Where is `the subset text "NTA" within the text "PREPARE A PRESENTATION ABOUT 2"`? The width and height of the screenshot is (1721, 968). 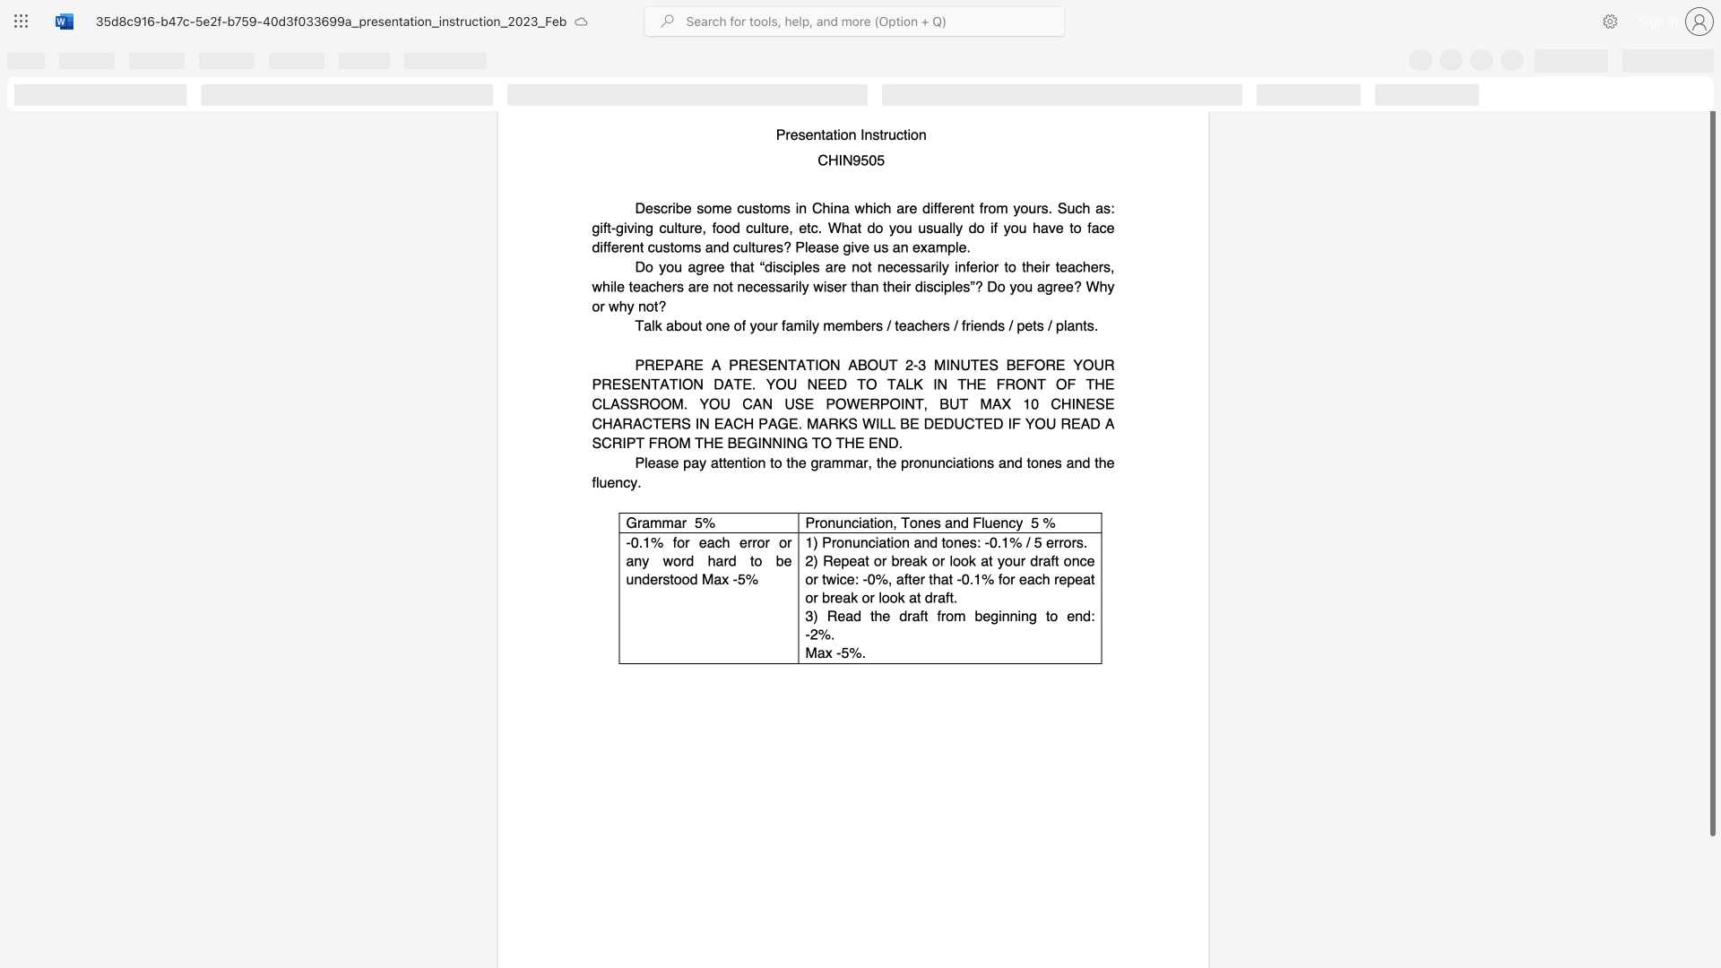 the subset text "NTA" within the text "PREPARE A PRESENTATION ABOUT 2" is located at coordinates (777, 364).